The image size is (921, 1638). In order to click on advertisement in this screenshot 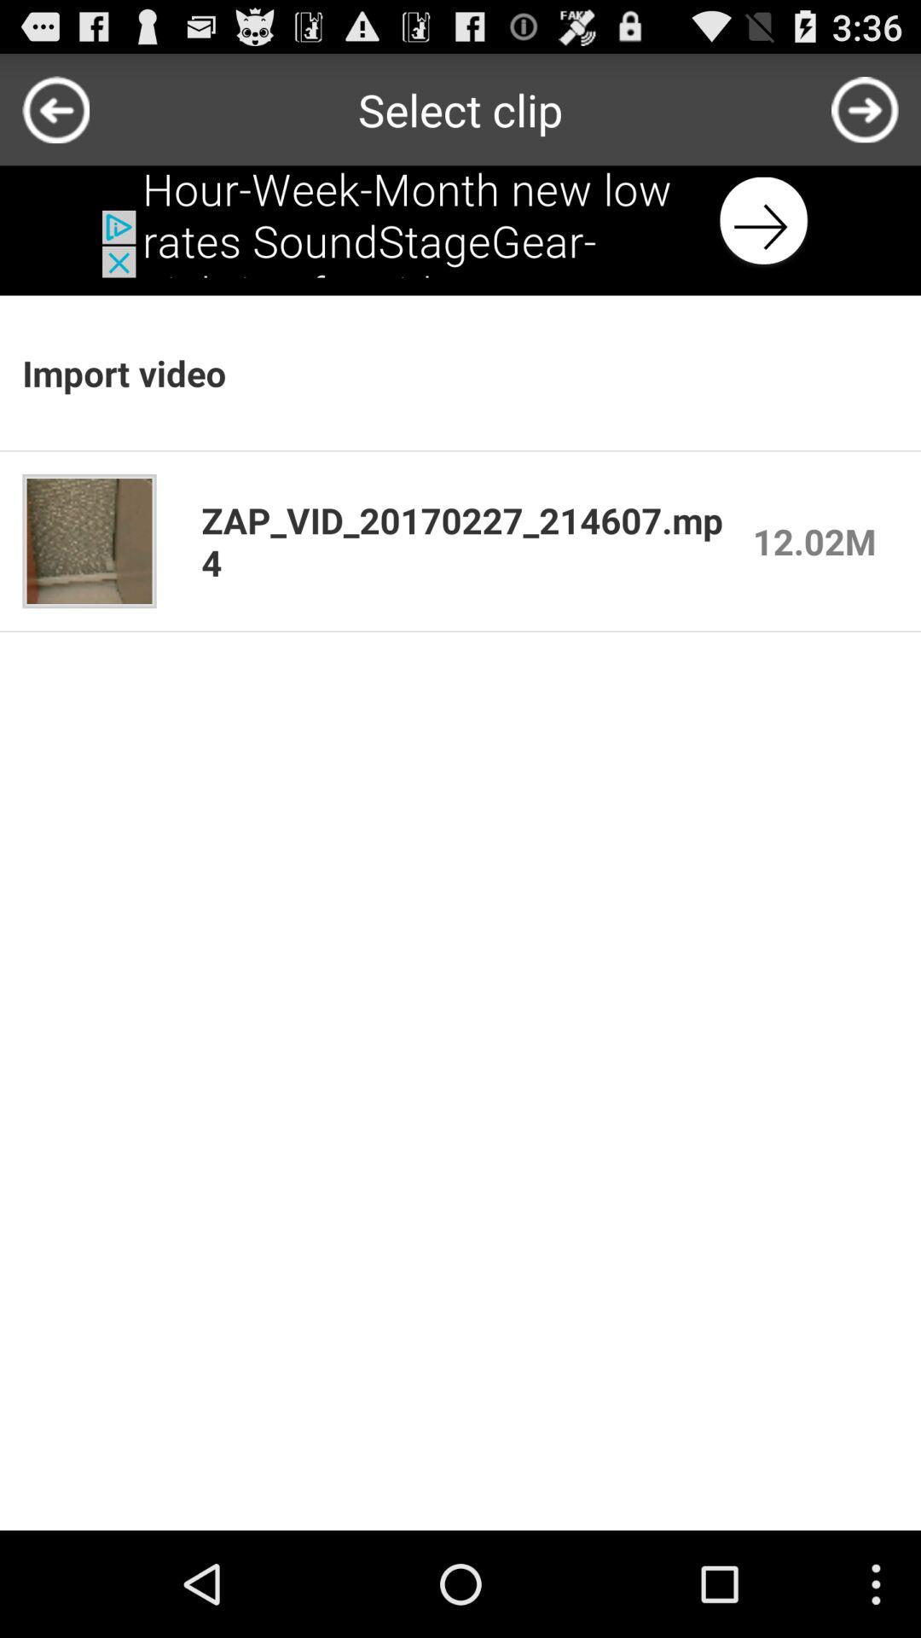, I will do `click(460, 220)`.